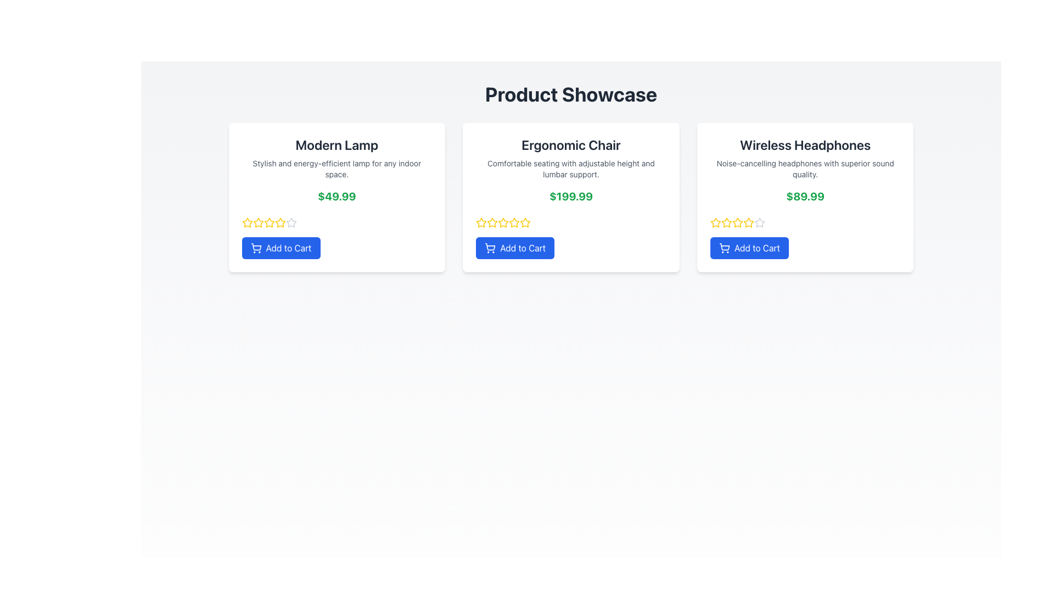  I want to click on the fifth star icon in the rating system for the 'Modern Lamp' product, so click(280, 222).